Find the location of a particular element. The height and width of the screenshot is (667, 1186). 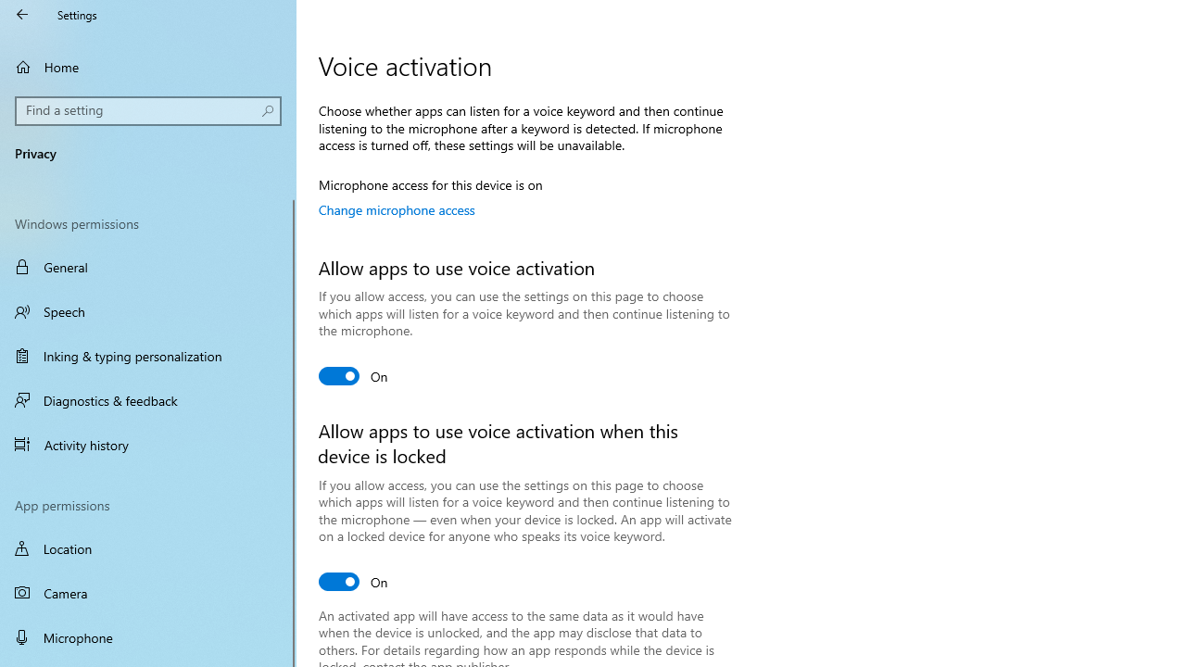

'Activity history' is located at coordinates (148, 444).